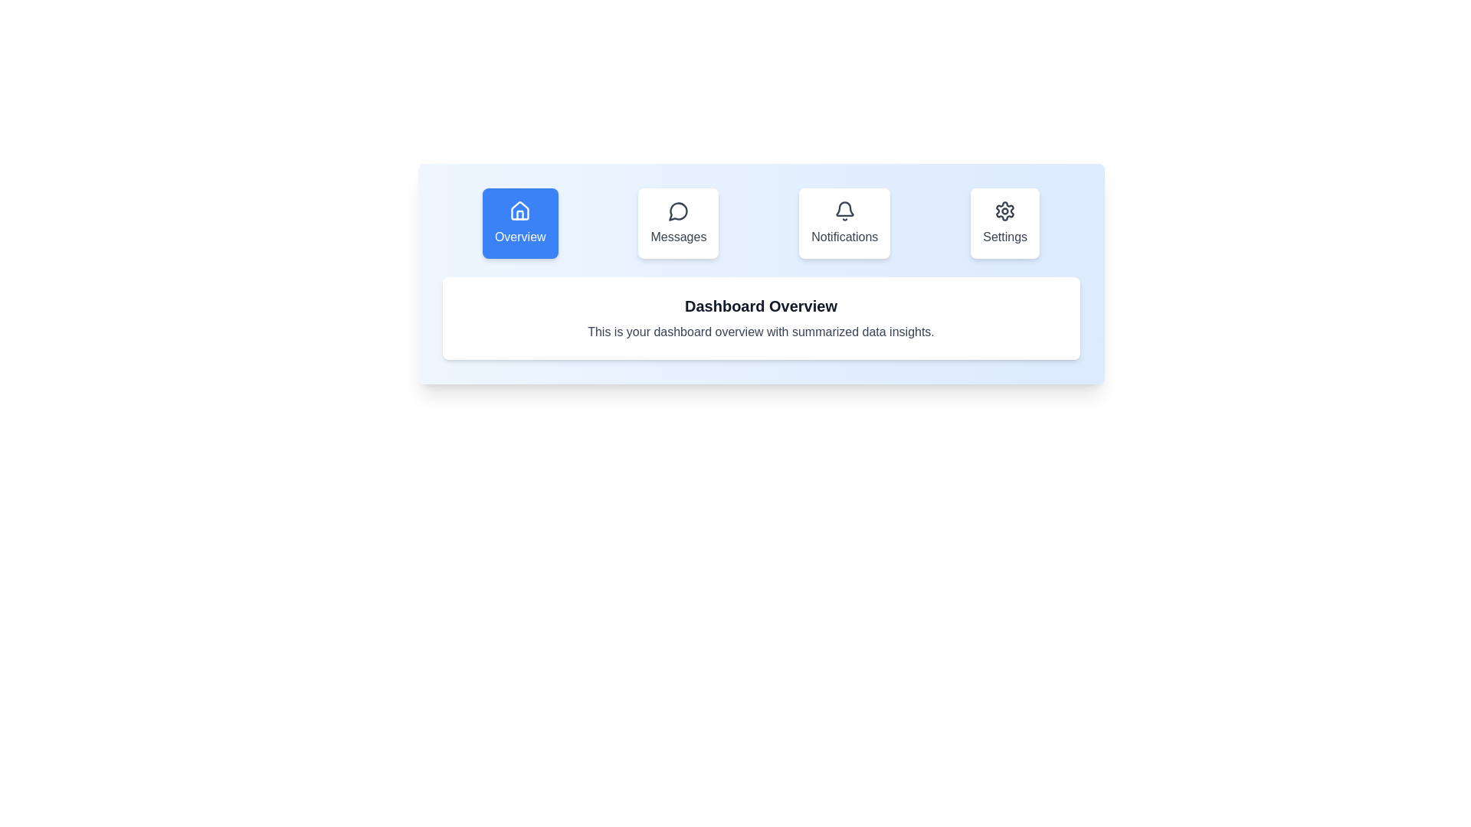 Image resolution: width=1471 pixels, height=827 pixels. Describe the element at coordinates (1005, 237) in the screenshot. I see `the 'Settings' text label, which is styled in dark gray font and located below a gear-shaped icon within a card-like structure` at that location.